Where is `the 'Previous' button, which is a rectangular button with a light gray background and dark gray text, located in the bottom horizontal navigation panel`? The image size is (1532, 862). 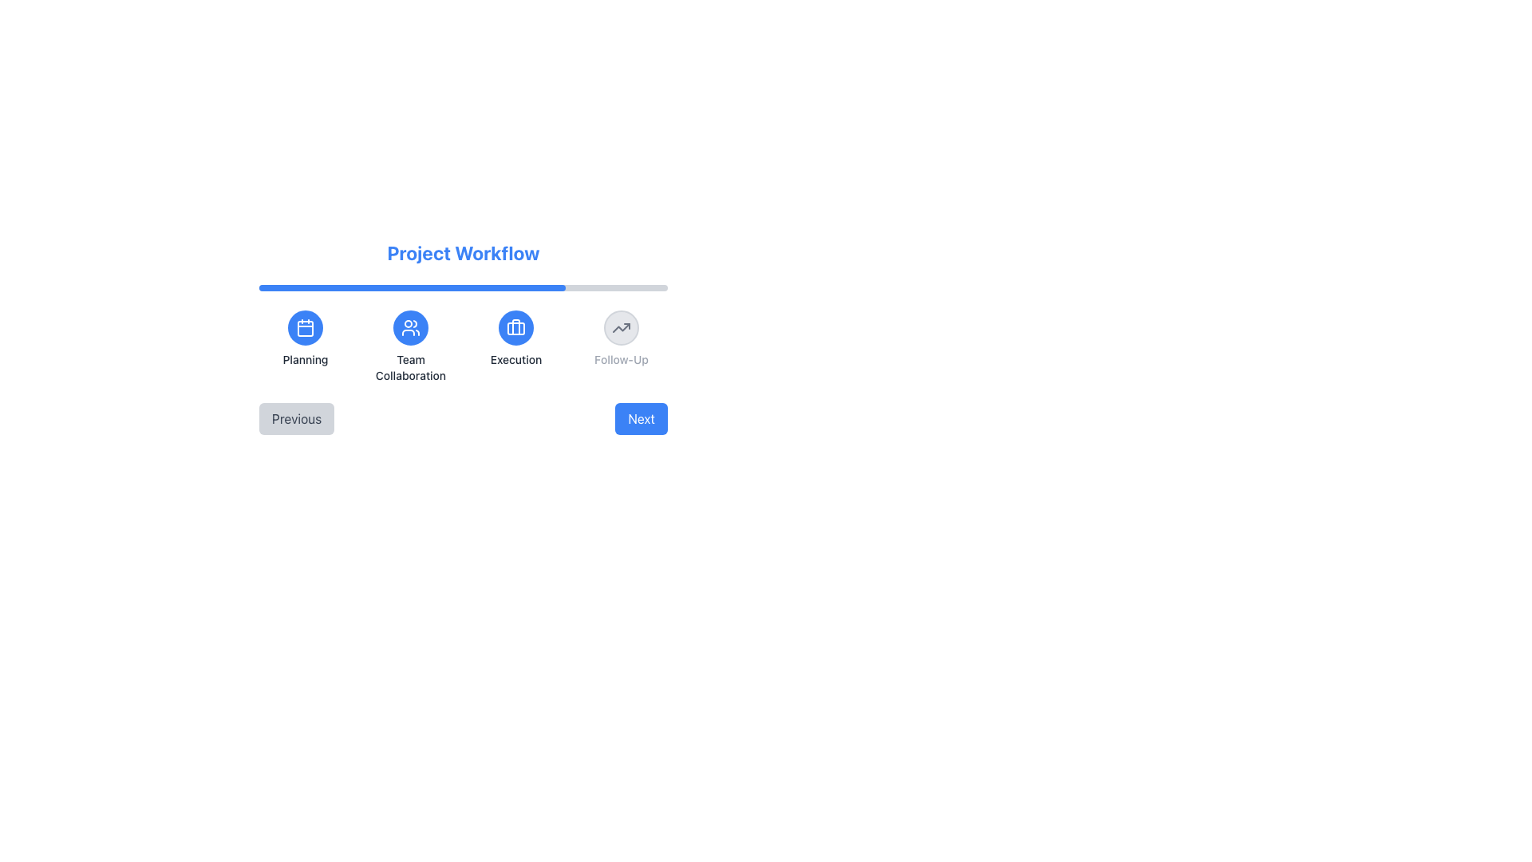
the 'Previous' button, which is a rectangular button with a light gray background and dark gray text, located in the bottom horizontal navigation panel is located at coordinates (297, 417).